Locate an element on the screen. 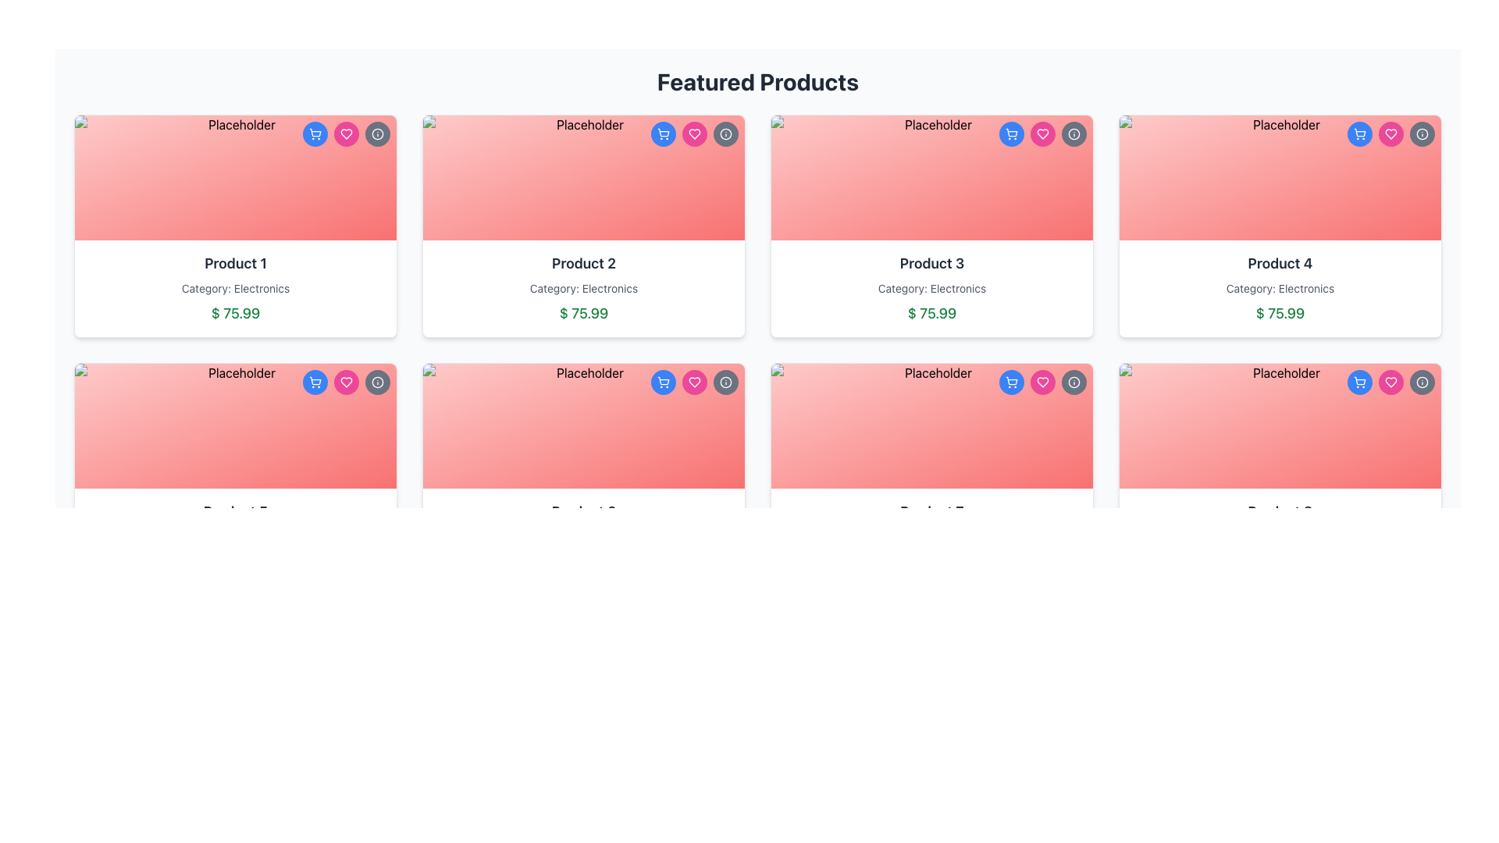  the circular pink button with a heart icon in the top-right section of the product card to mark the item as a favorite is located at coordinates (1390, 382).